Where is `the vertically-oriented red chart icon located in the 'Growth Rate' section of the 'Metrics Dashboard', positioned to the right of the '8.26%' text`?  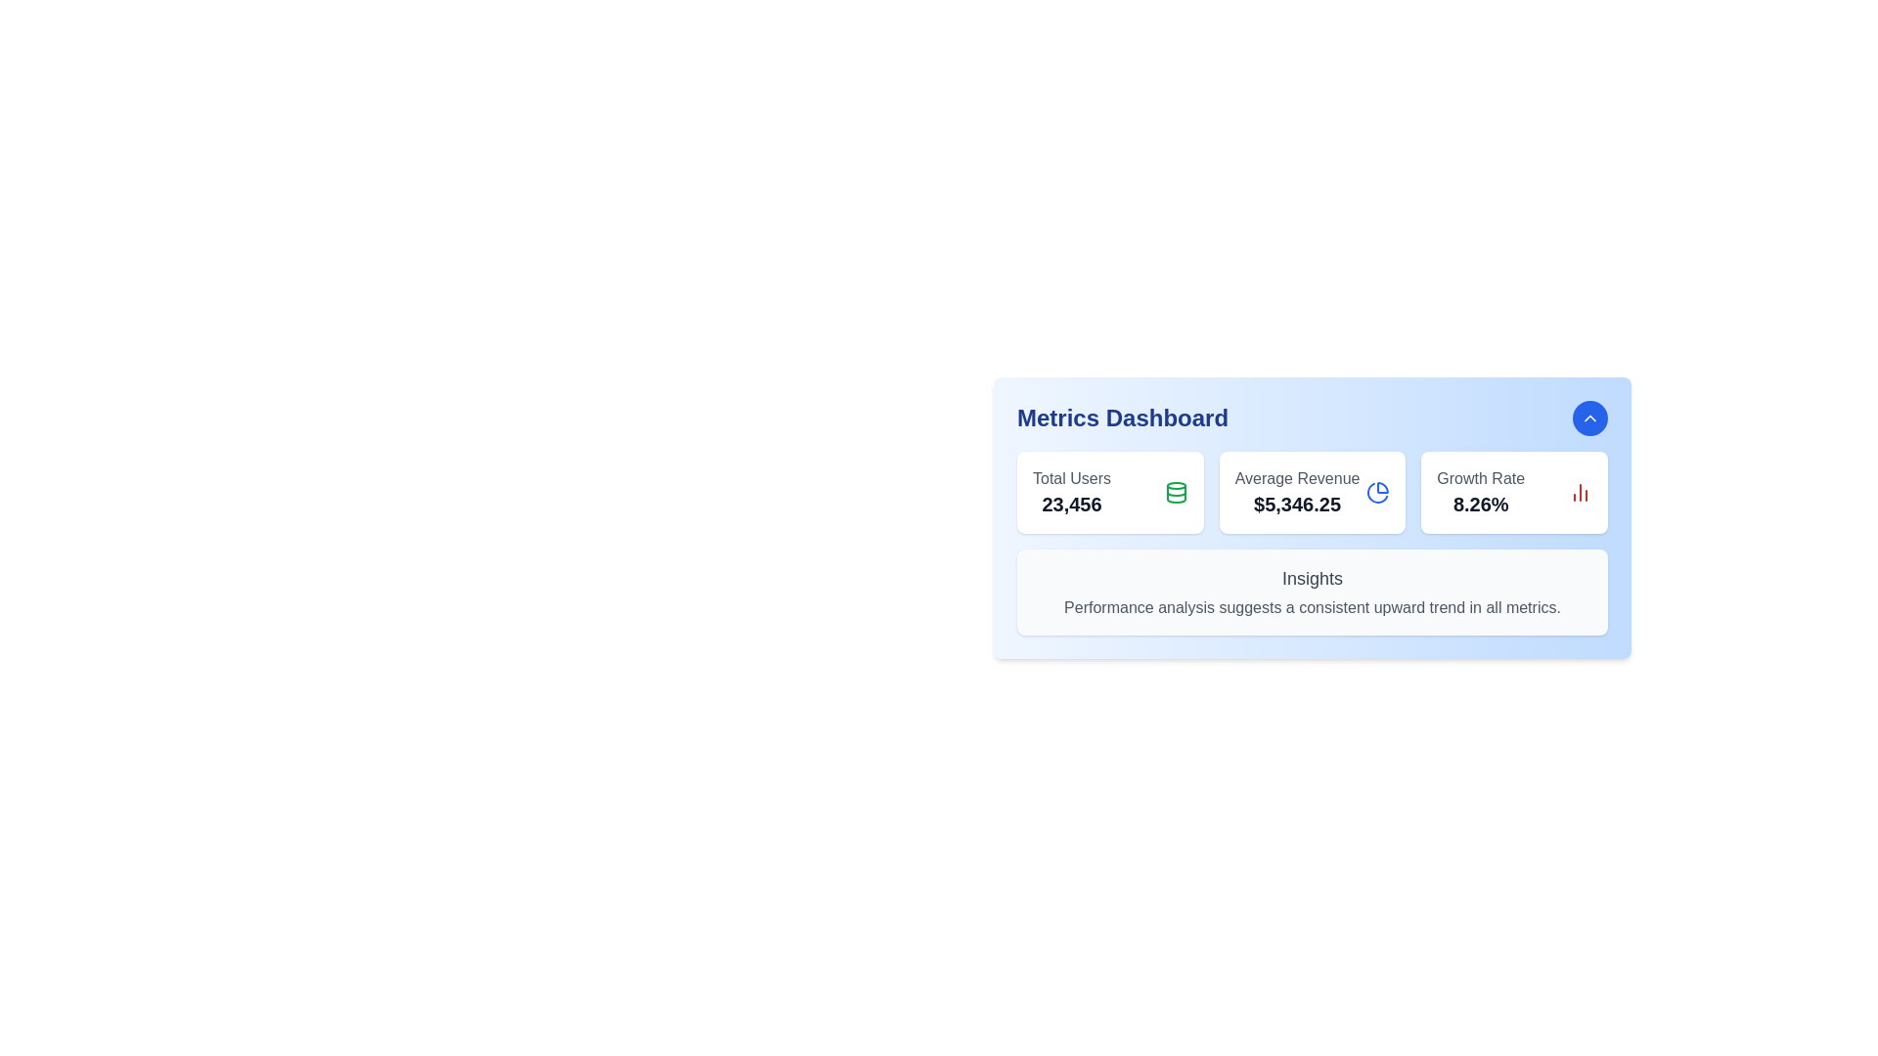
the vertically-oriented red chart icon located in the 'Growth Rate' section of the 'Metrics Dashboard', positioned to the right of the '8.26%' text is located at coordinates (1581, 492).